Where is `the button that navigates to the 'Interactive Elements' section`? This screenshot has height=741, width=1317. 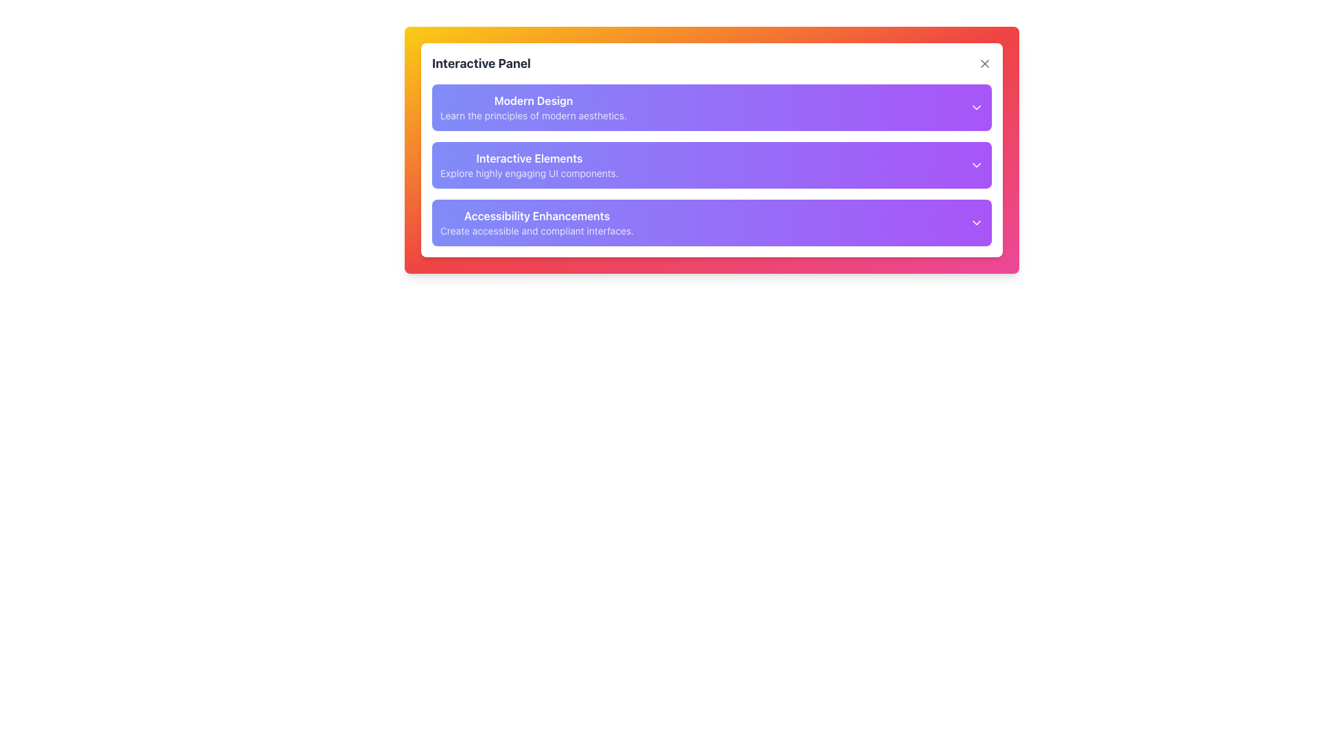 the button that navigates to the 'Interactive Elements' section is located at coordinates (711, 164).